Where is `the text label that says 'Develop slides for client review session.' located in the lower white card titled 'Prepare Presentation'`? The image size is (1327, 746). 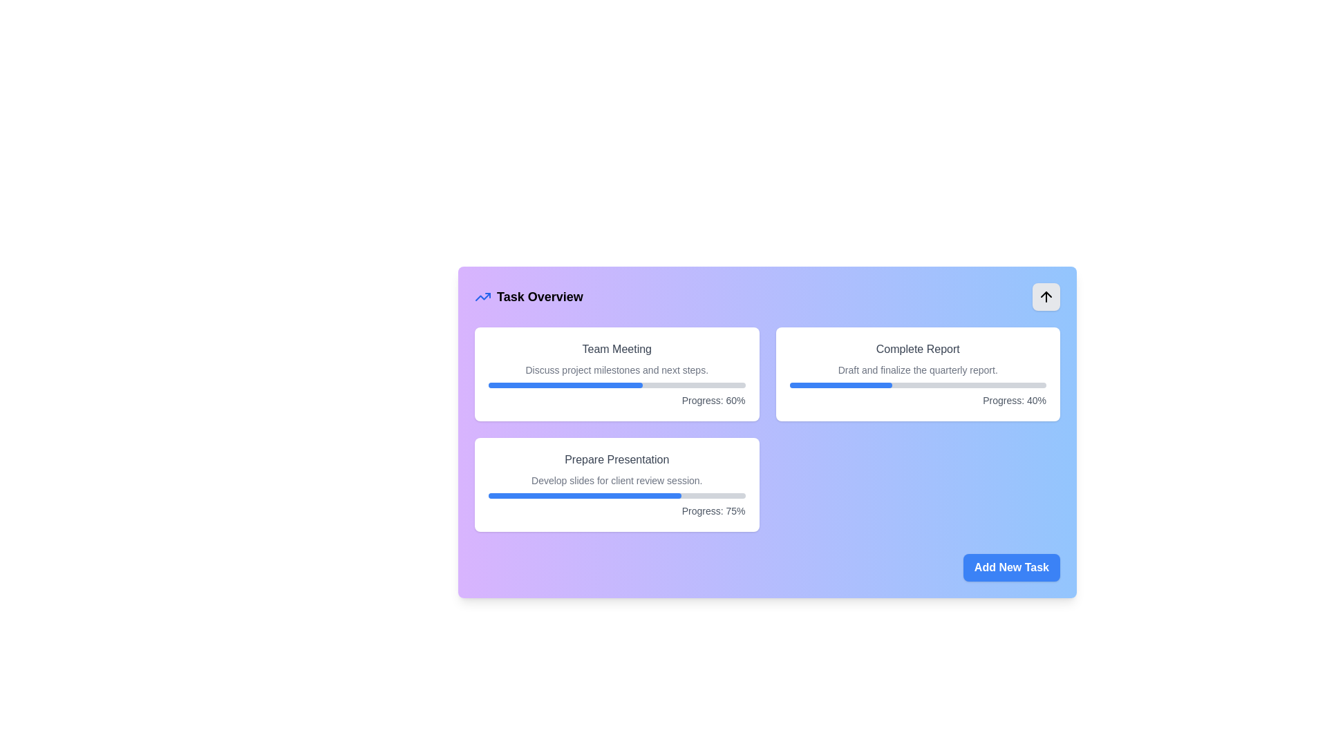
the text label that says 'Develop slides for client review session.' located in the lower white card titled 'Prepare Presentation' is located at coordinates (616, 479).